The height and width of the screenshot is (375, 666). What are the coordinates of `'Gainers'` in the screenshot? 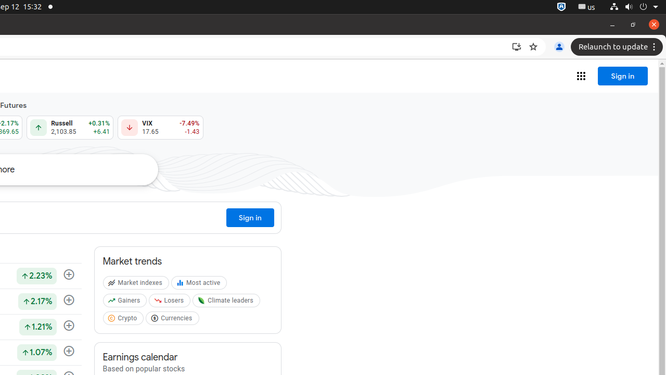 It's located at (125, 302).